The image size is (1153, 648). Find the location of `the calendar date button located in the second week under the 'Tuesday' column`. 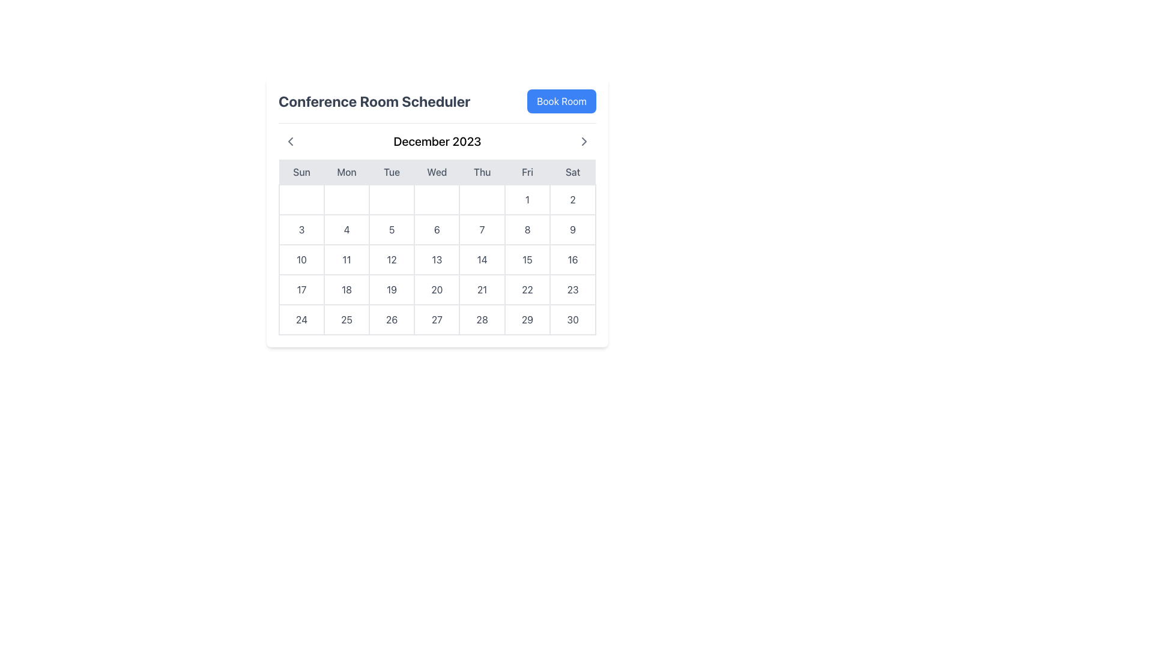

the calendar date button located in the second week under the 'Tuesday' column is located at coordinates (392, 229).